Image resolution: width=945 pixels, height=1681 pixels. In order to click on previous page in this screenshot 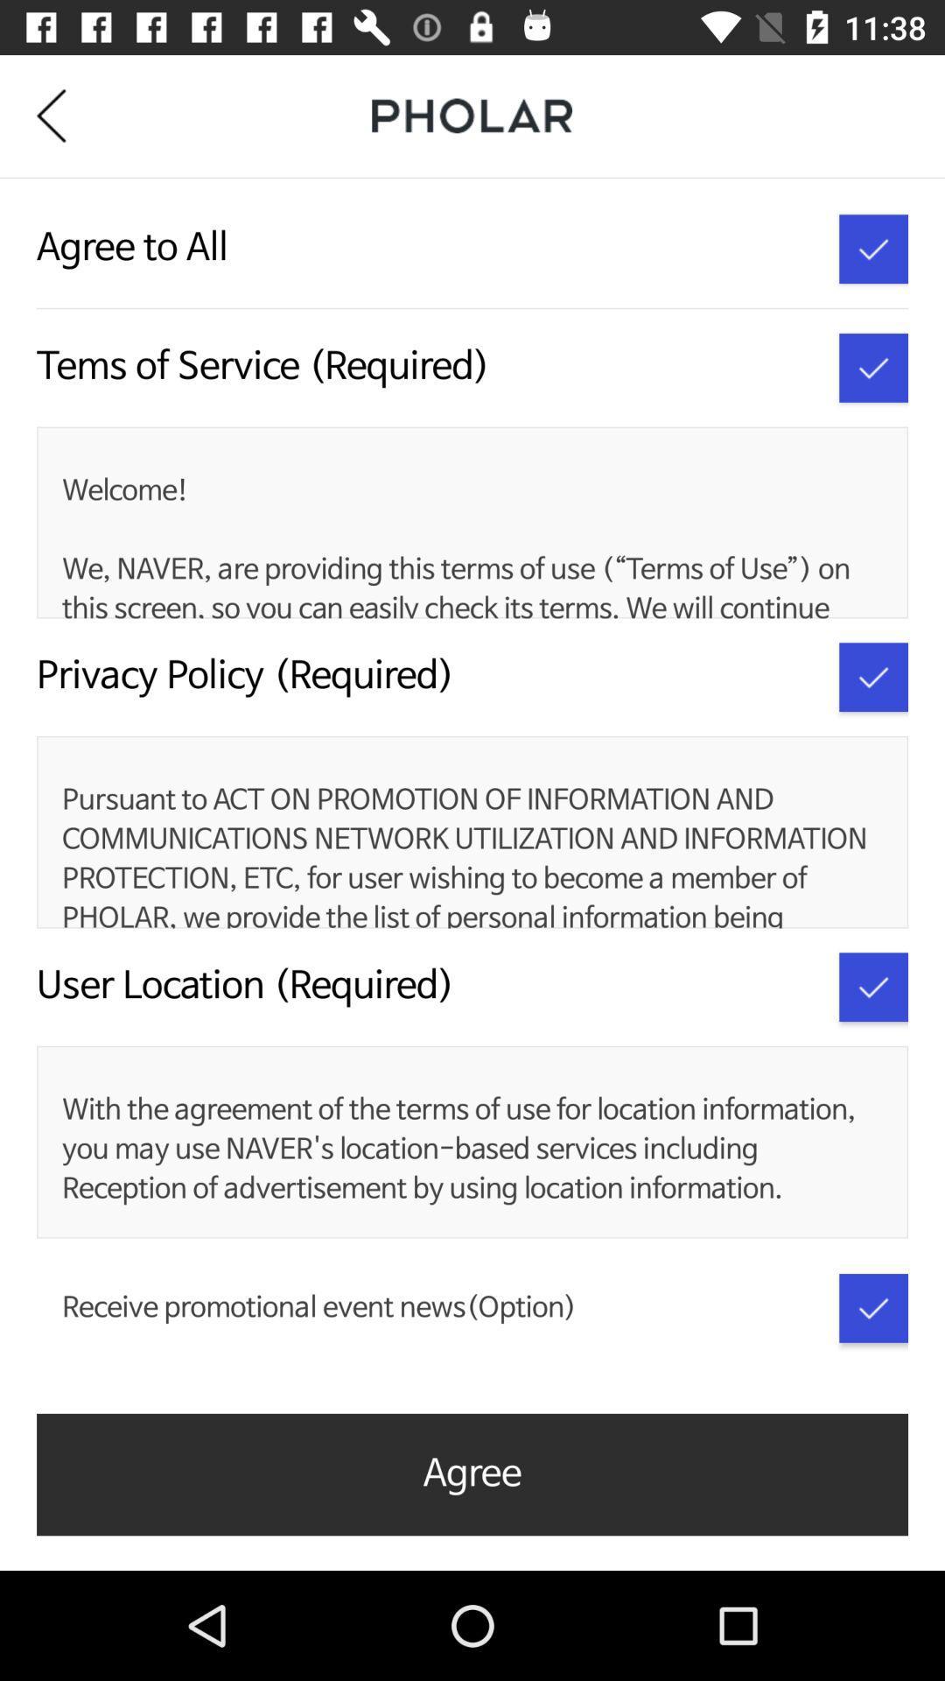, I will do `click(63, 115)`.